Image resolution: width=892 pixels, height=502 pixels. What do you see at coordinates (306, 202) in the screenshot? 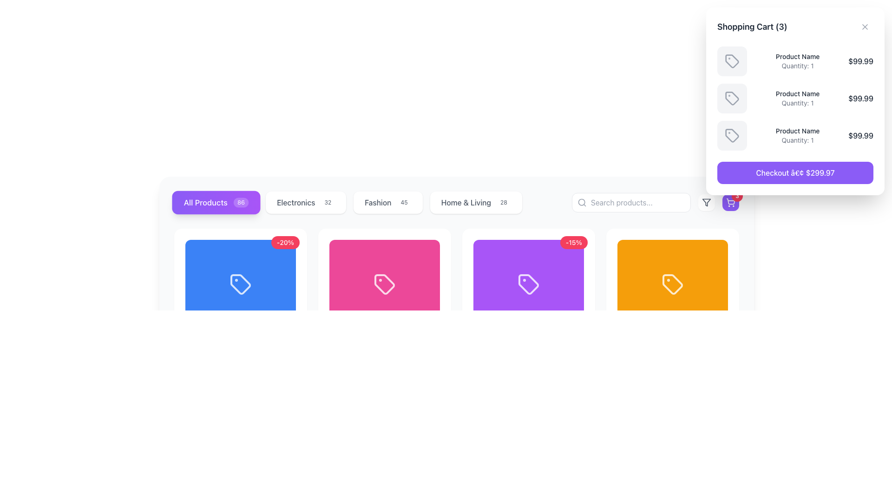
I see `the 'Electronics' category button, which is the second button from the left in the row of category buttons, to filter items by Electronics` at bounding box center [306, 202].